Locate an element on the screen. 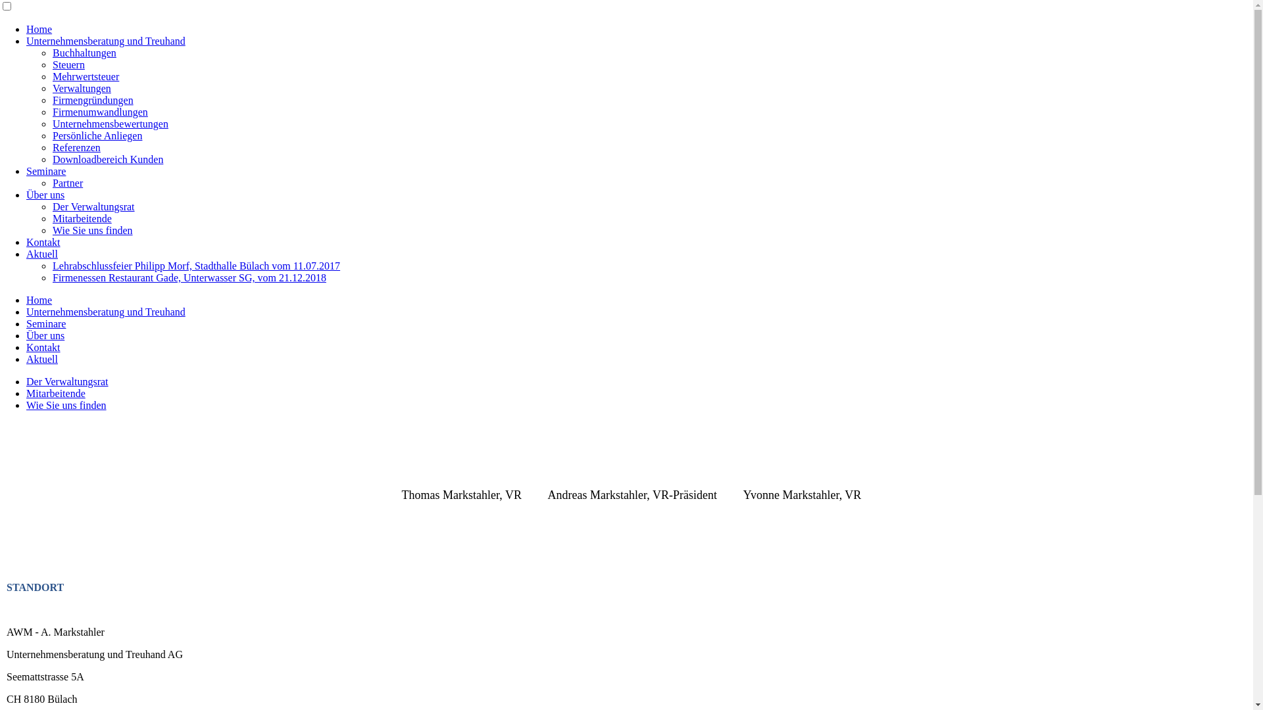  'Downloadbereich Kunden' is located at coordinates (107, 158).